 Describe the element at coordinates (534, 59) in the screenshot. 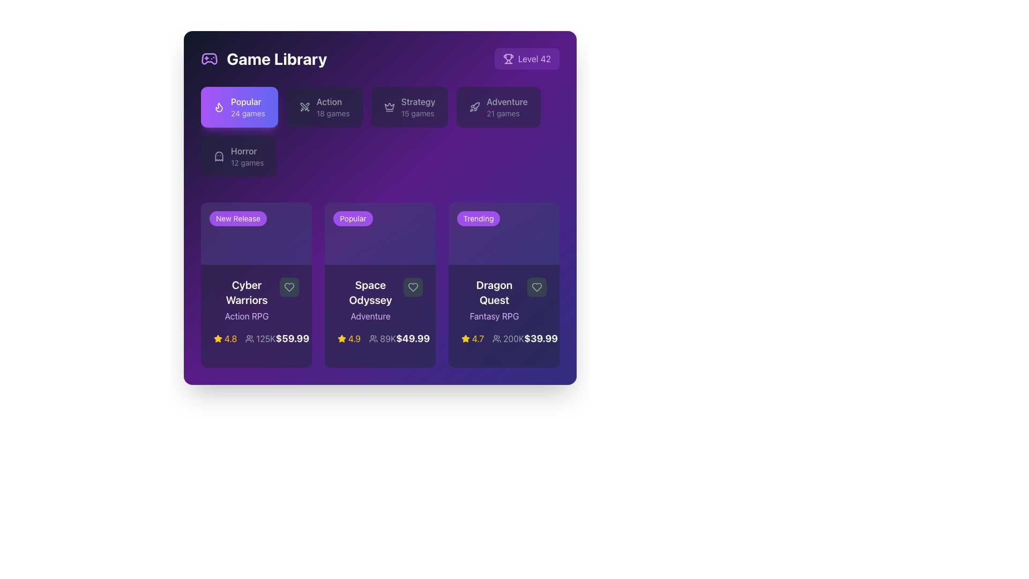

I see `the static text element that displays the level indicator, located in the top-right corner of the main layout, next to the trophy icon` at that location.